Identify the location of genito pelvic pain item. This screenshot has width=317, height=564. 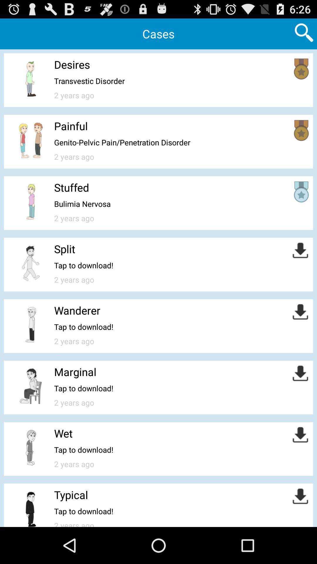
(122, 142).